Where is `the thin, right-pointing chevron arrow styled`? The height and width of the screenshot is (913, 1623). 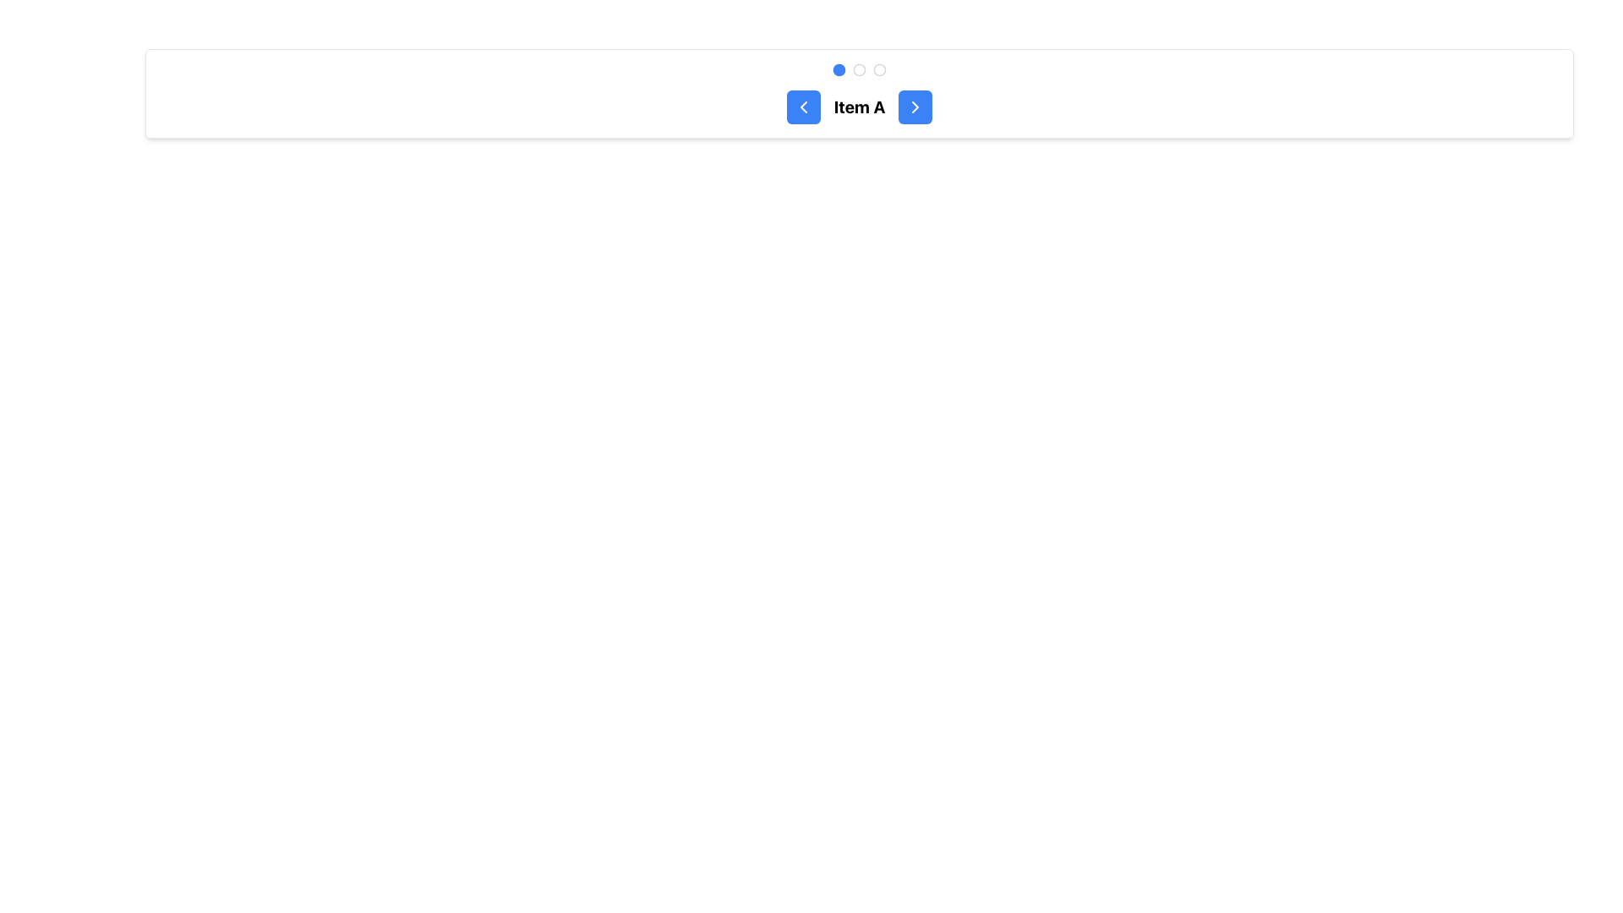 the thin, right-pointing chevron arrow styled is located at coordinates (915, 107).